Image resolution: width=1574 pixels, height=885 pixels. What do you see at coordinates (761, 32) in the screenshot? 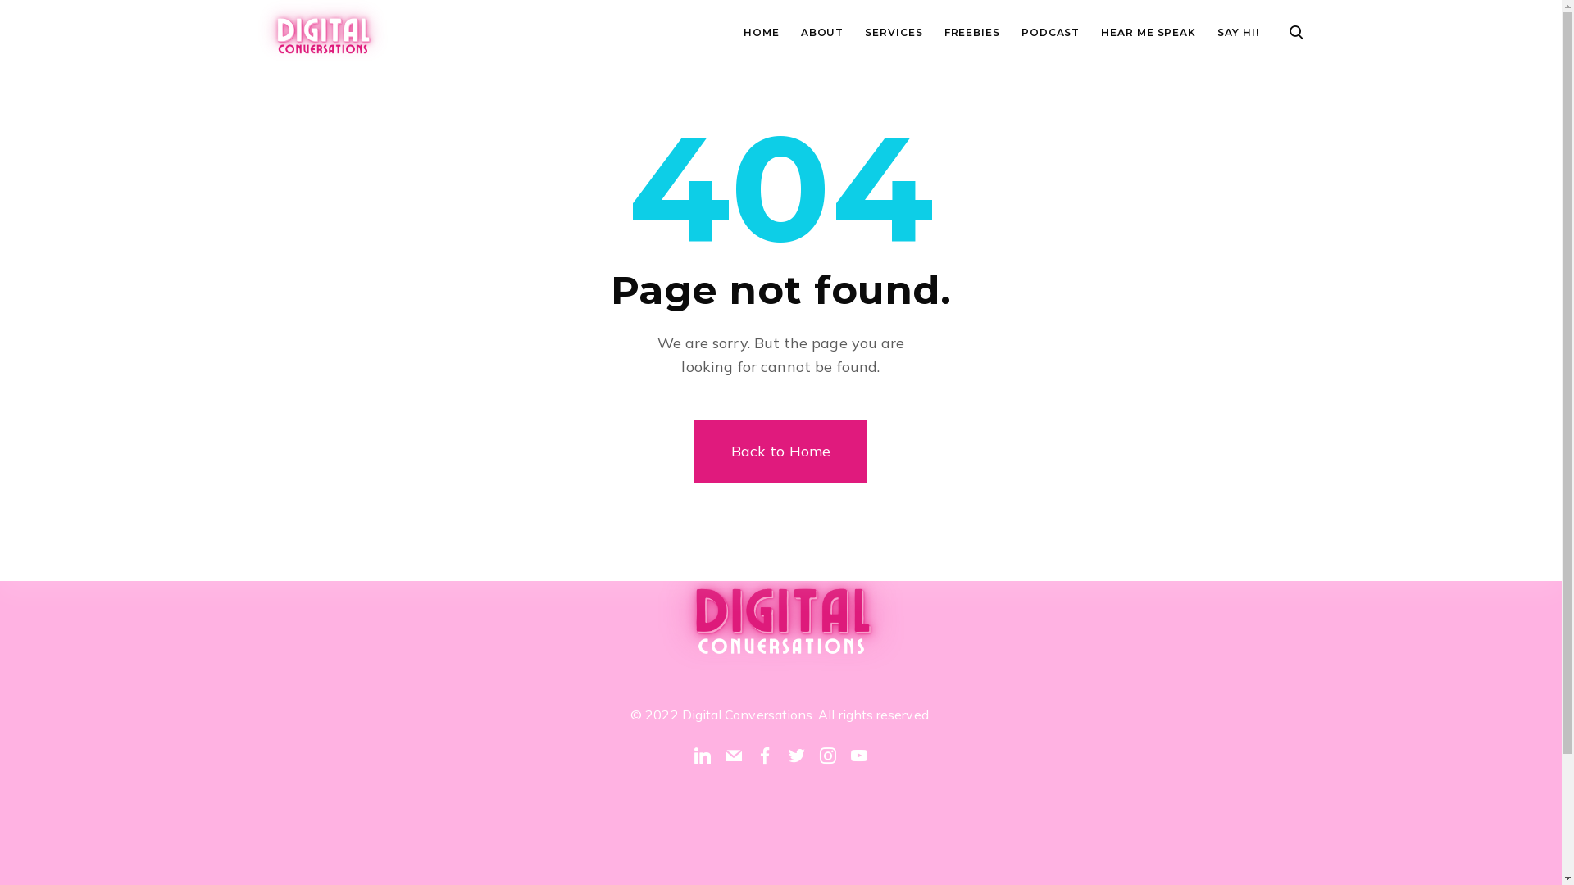
I see `'HOME'` at bounding box center [761, 32].